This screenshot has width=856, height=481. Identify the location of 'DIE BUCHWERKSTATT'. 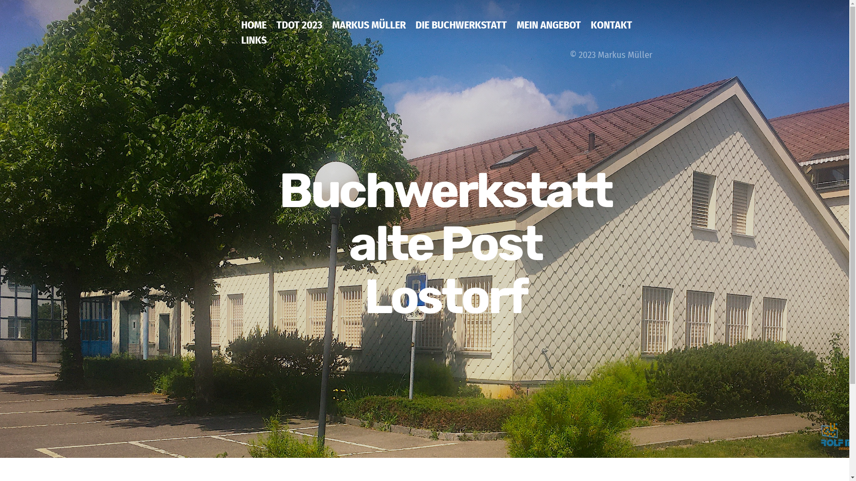
(461, 31).